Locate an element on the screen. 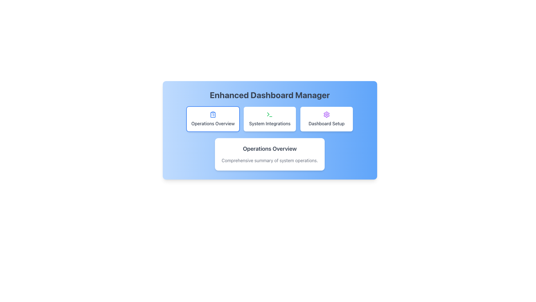 Image resolution: width=536 pixels, height=302 pixels. the text label located below the purple gear icon on the button card labeled 'Dashboard Setup', which is the third button in a horizontal row of three buttons is located at coordinates (326, 123).